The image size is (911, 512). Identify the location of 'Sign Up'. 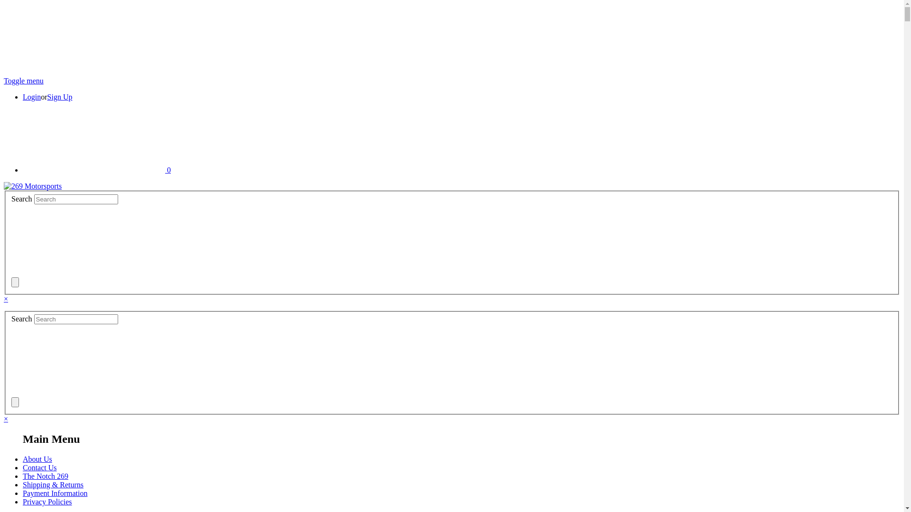
(59, 97).